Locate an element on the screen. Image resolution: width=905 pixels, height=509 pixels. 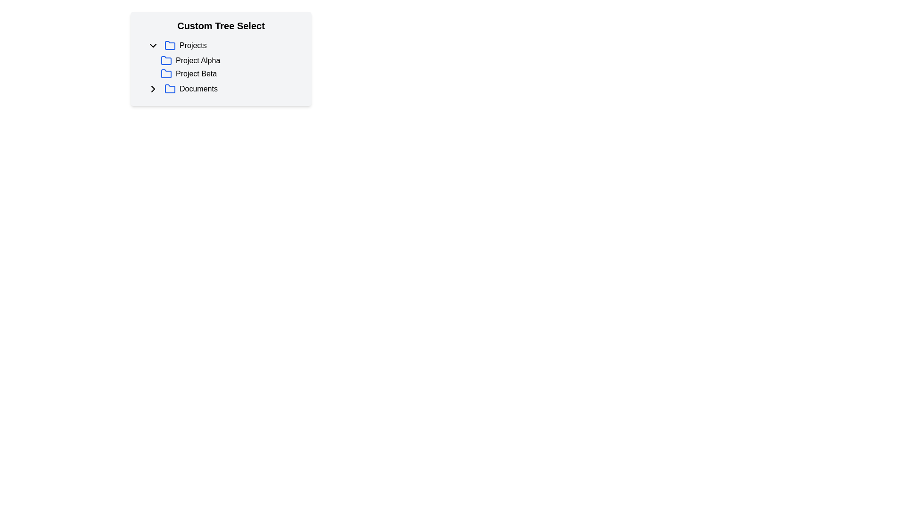
the 'Custom Tree Select' hierarchical tree selector is located at coordinates (221, 58).